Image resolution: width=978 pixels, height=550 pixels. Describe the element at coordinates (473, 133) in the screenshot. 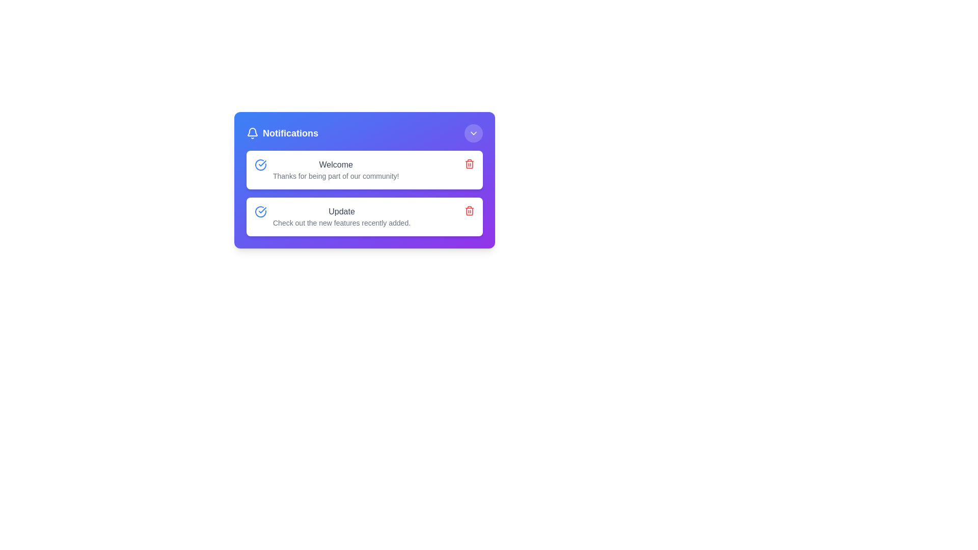

I see `the circular button with a downward-pointing chevron icon located at the upper-right area of the 'Notifications' section` at that location.